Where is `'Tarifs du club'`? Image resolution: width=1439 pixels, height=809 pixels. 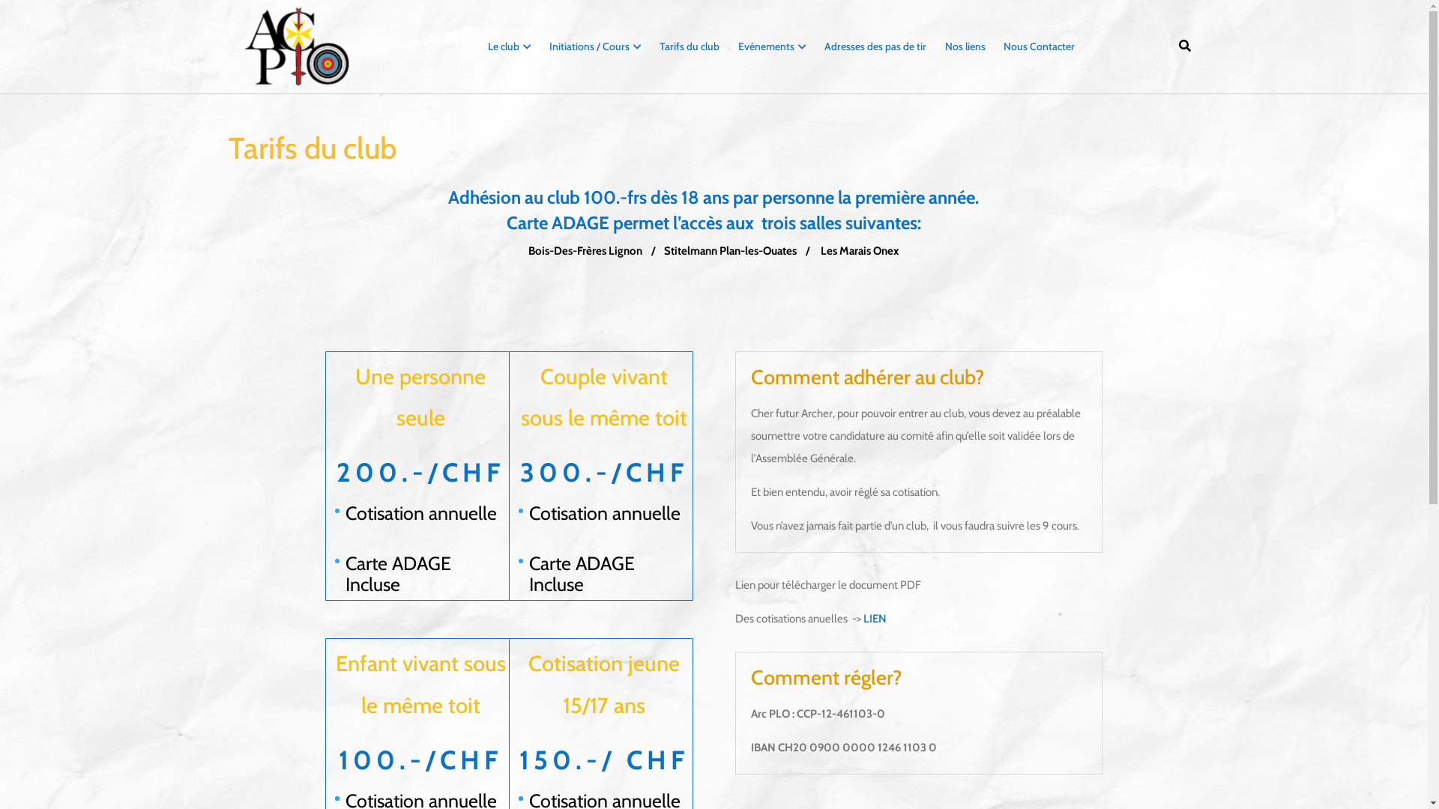 'Tarifs du club' is located at coordinates (651, 45).